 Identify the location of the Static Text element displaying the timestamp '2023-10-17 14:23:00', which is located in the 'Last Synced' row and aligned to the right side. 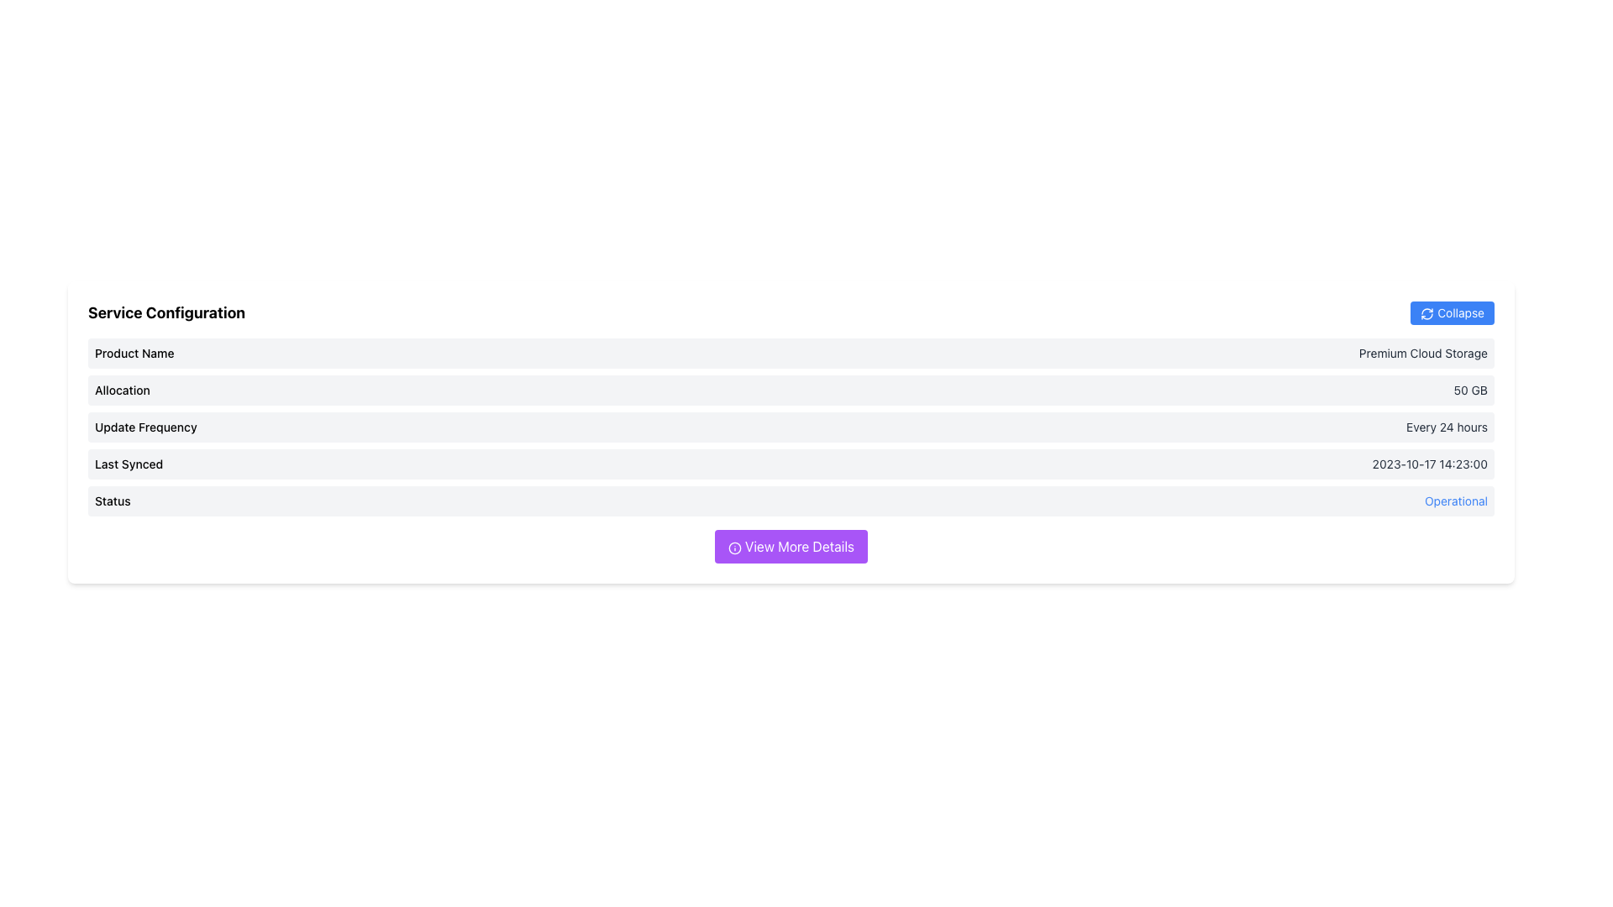
(1429, 464).